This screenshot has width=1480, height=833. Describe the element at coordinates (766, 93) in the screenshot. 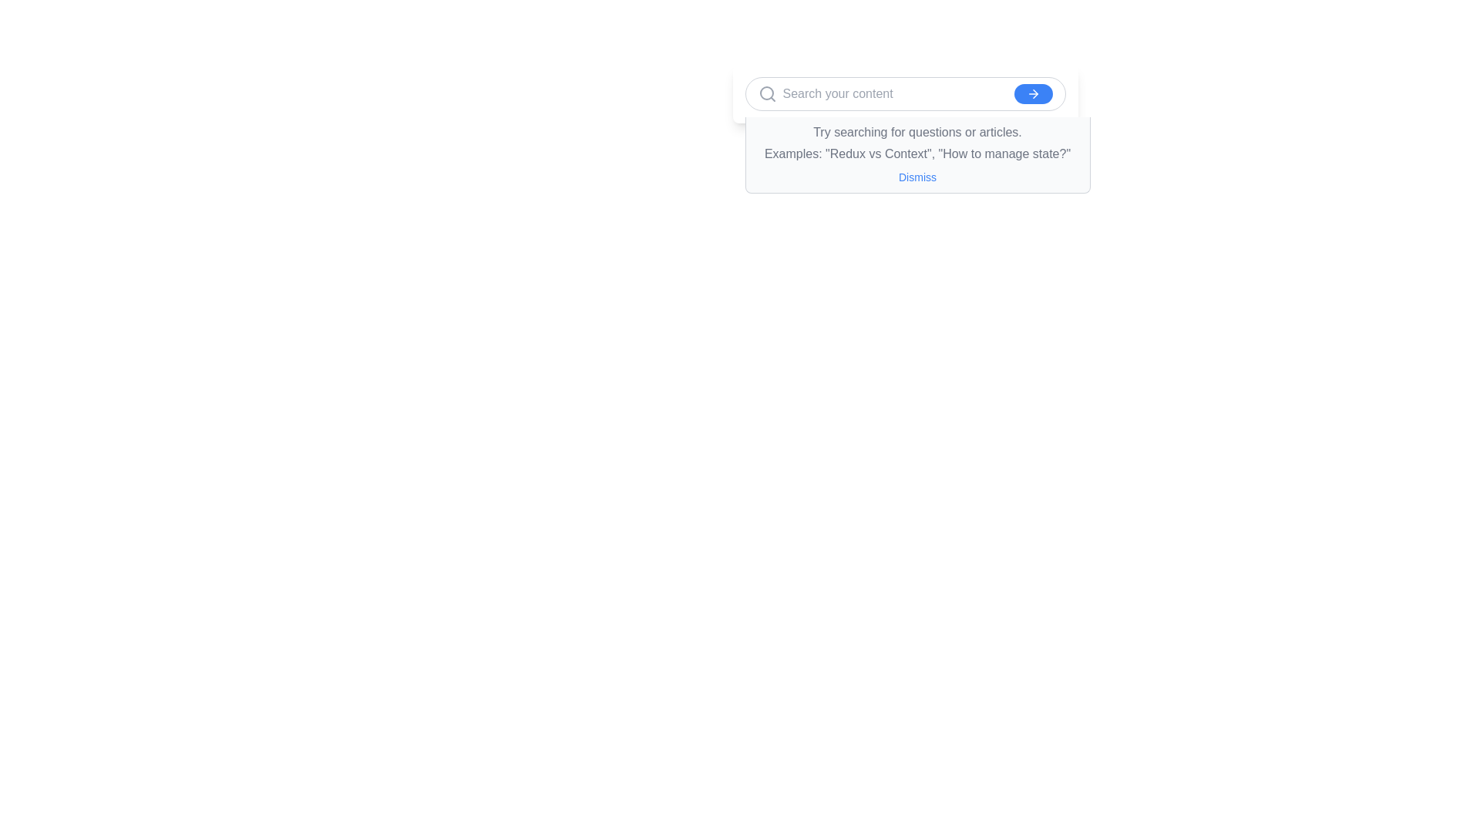

I see `the circular lens component of the search icon located to the left of the search input field in the top-right corner of the interface` at that location.